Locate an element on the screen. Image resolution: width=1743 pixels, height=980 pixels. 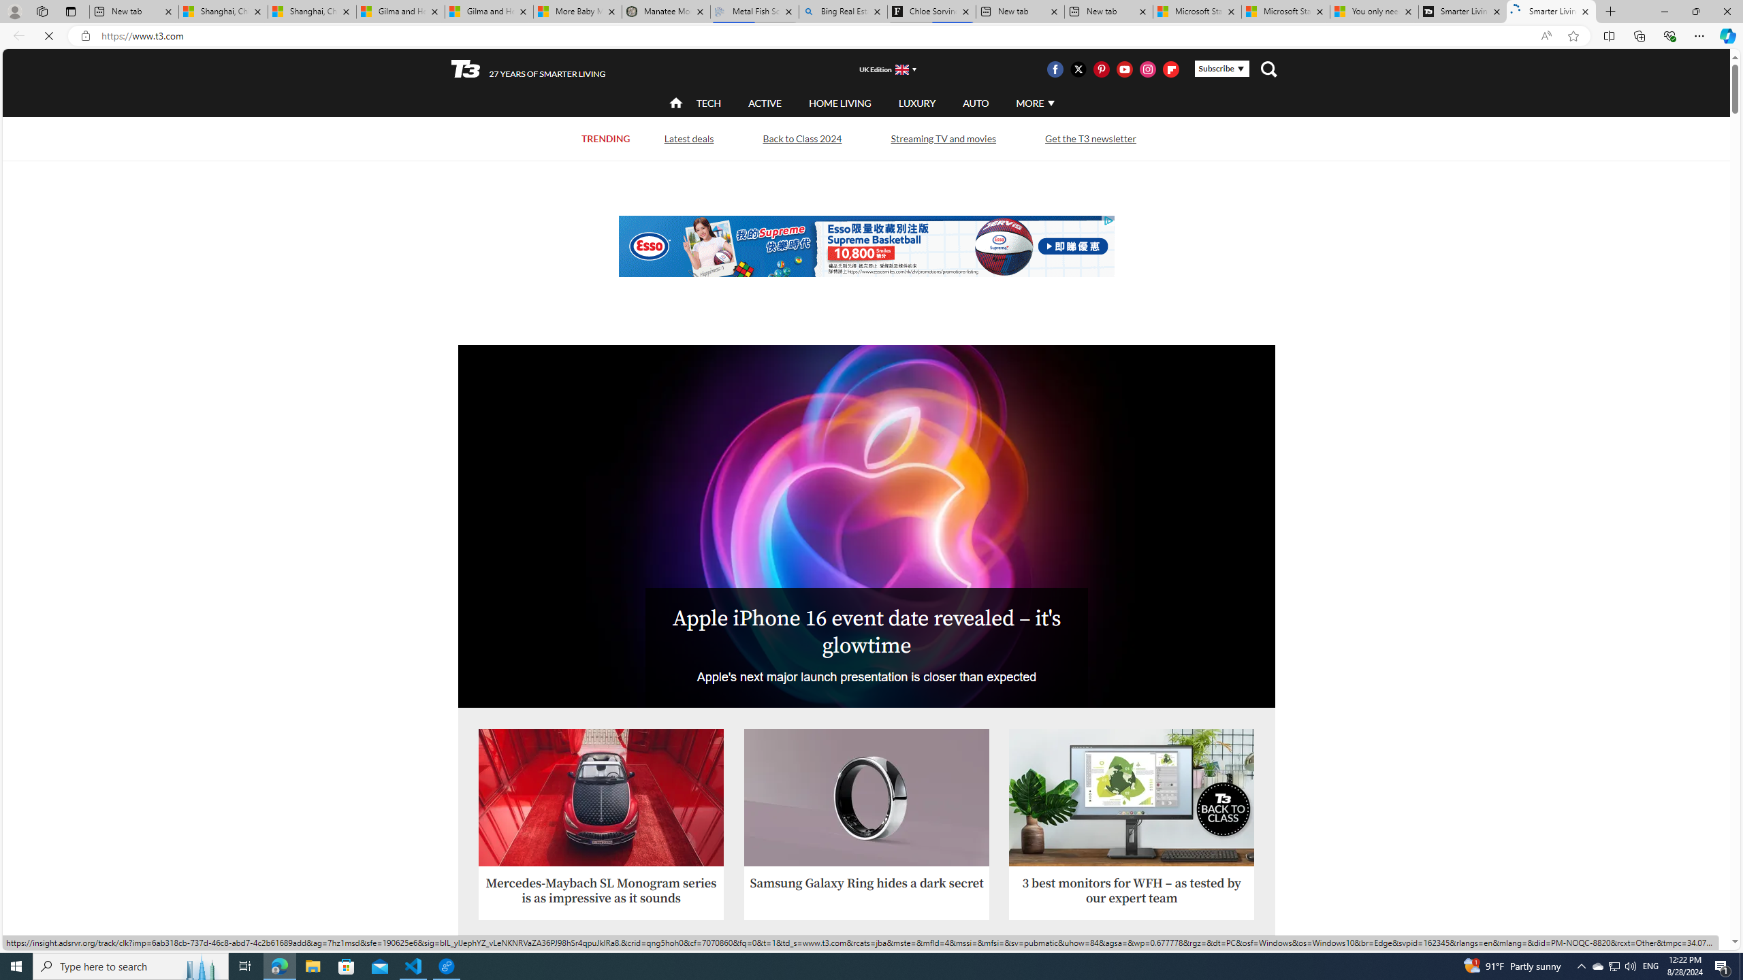
'AUTO' is located at coordinates (975, 102).